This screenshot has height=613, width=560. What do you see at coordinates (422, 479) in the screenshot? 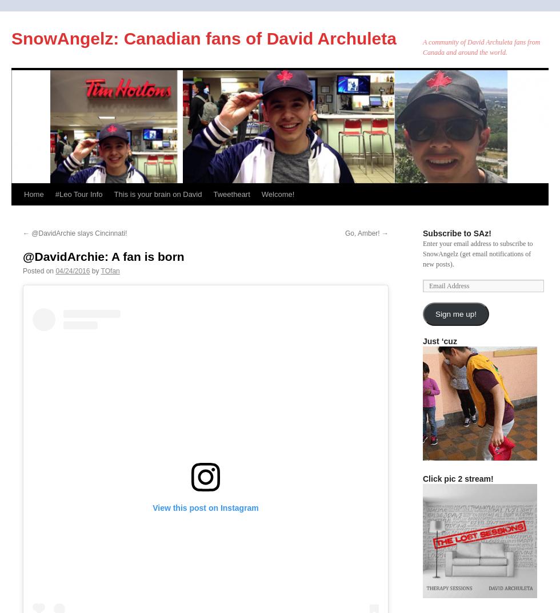
I see `'Click pic 2 stream!'` at bounding box center [422, 479].